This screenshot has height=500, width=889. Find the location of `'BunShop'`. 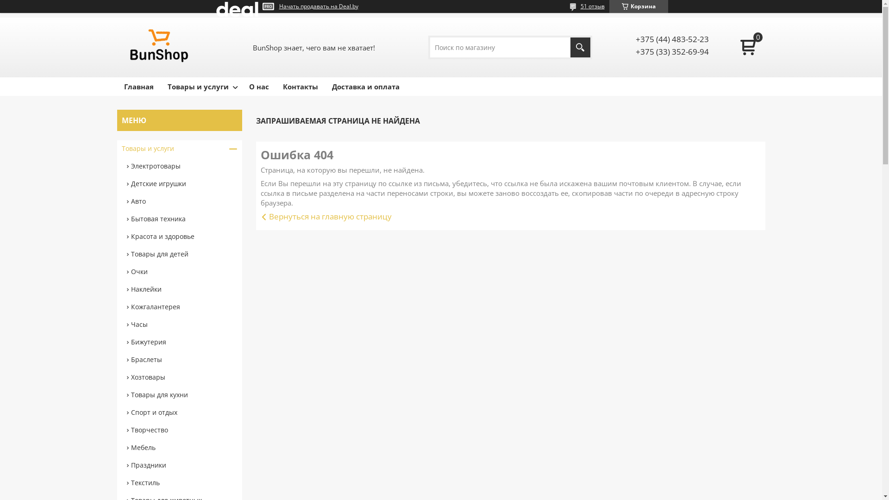

'BunShop' is located at coordinates (160, 47).